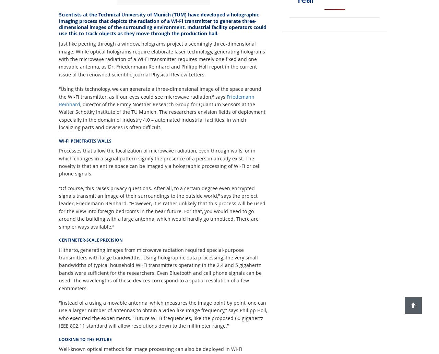 This screenshot has height=354, width=439. I want to click on 'Scientists at the Technical University of Munich (TUM) have developed a holographic imaging process that depicts the radiation of a Wi-Fi transmitter to generate three-dimensional images of the surrounding environment. Industrial facility operators could use this to track objects as they move through the production hall.', so click(162, 24).